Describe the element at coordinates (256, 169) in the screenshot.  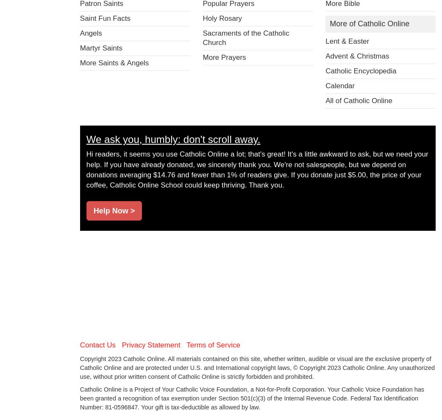
I see `'Hi readers, it seems you use Catholic Online a lot; that's great!  It's a little awkward to ask, but we need your help. If you have already donated, we sincerely thank you.  We're not salespeople, but we depend on donations averaging $14.76 and fewer than 1% of readers give. If you donate just $5.00, the price of your coffee, Catholic Online School could keep thriving. Thank you.'` at that location.